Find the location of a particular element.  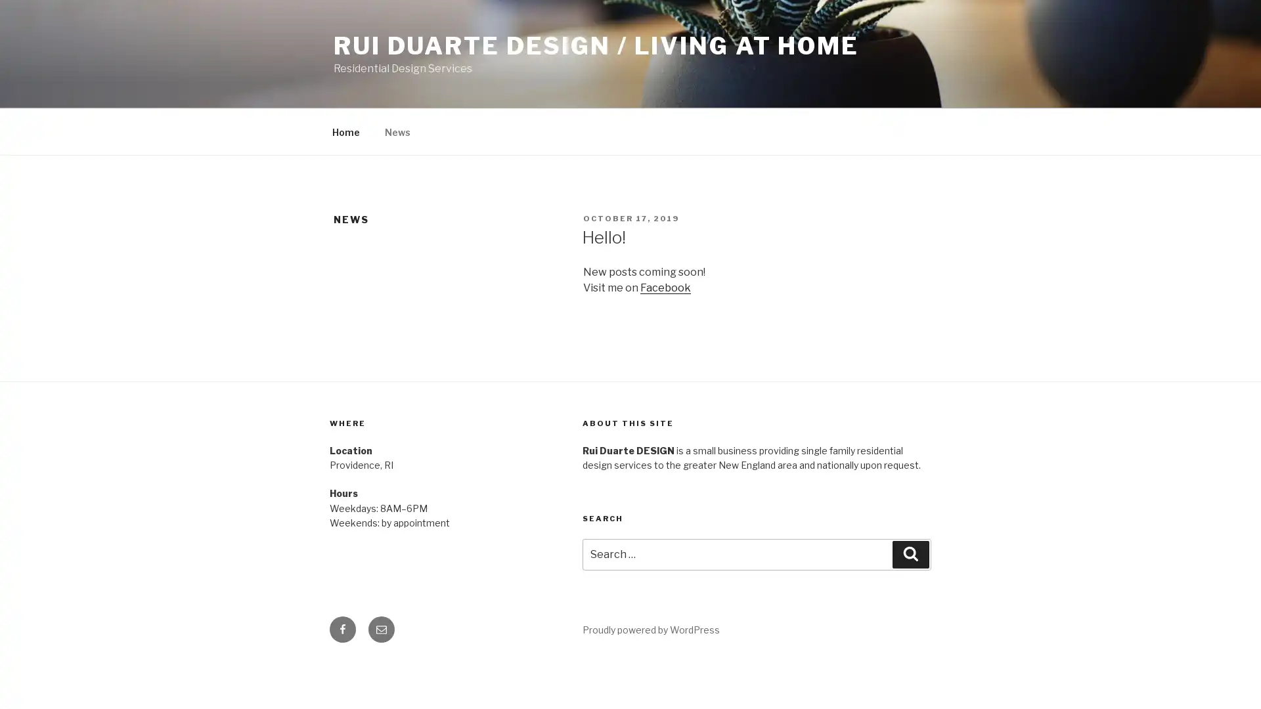

Search is located at coordinates (910, 554).